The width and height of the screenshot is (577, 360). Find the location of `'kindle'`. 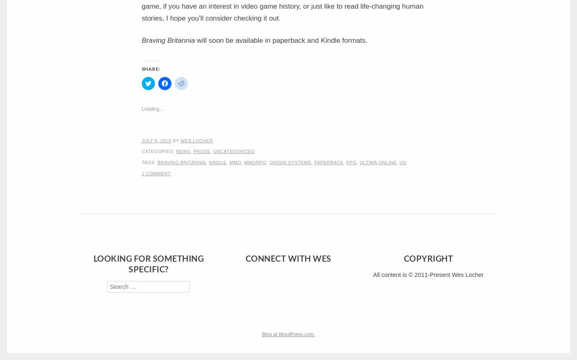

'kindle' is located at coordinates (217, 162).